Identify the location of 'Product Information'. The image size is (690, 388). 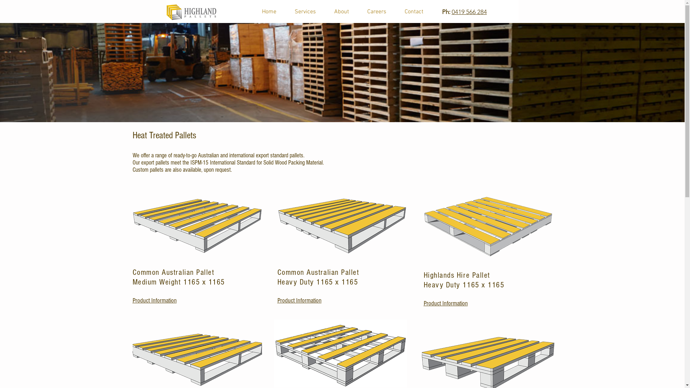
(445, 303).